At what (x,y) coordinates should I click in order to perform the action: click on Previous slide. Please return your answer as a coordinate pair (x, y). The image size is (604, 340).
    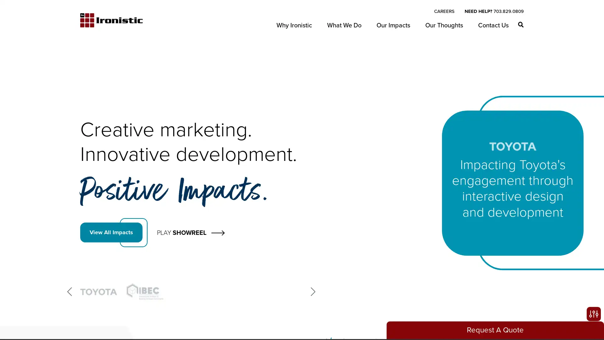
    Looking at the image, I should click on (69, 291).